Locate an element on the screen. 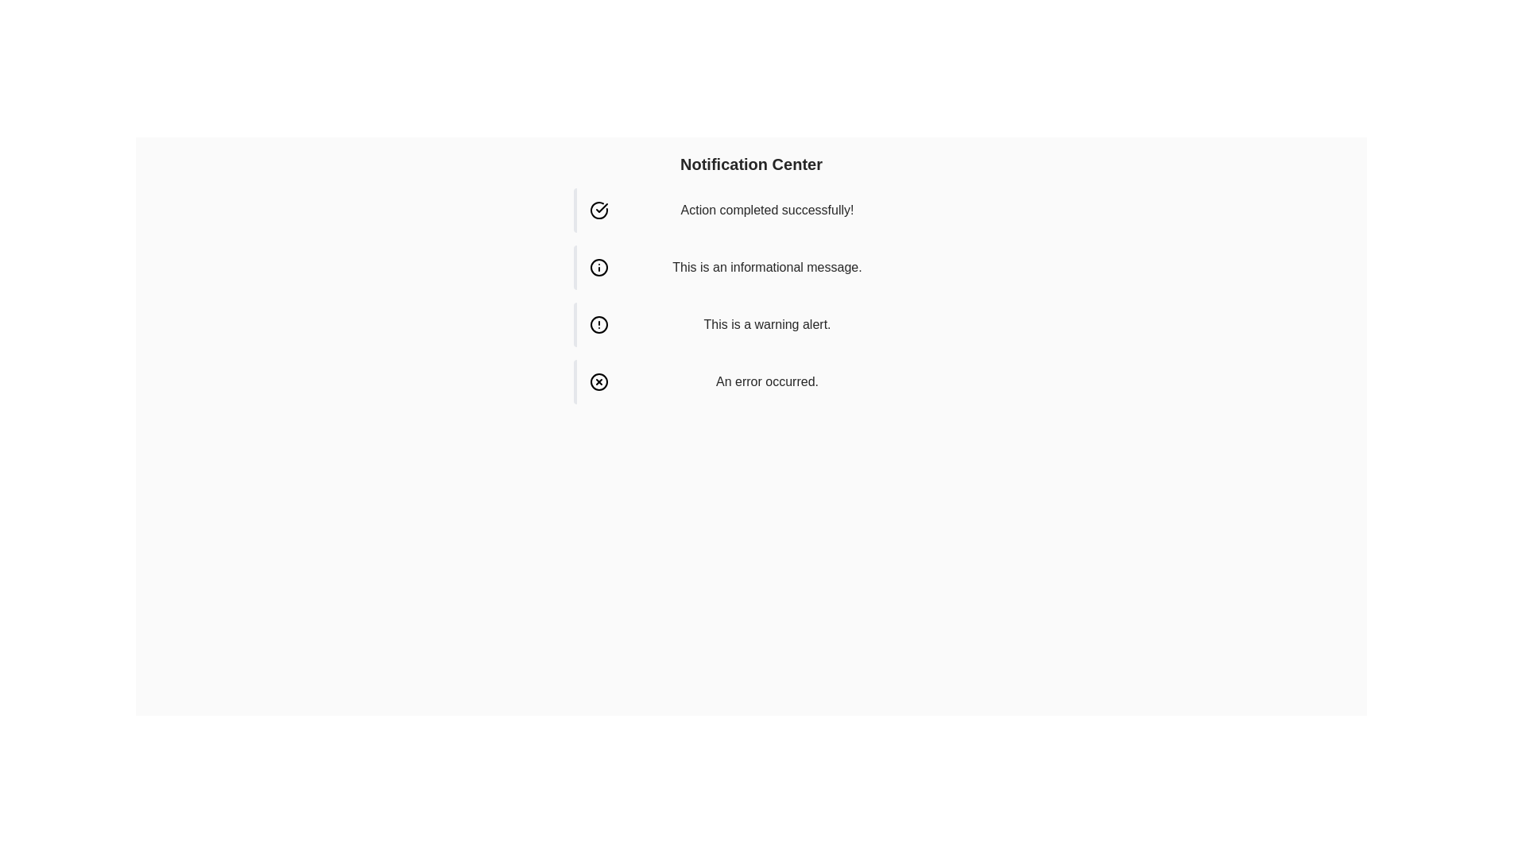 The width and height of the screenshot is (1526, 858). the notification banner displaying 'Action completed successfully!' with a green-themed success design is located at coordinates (750, 210).